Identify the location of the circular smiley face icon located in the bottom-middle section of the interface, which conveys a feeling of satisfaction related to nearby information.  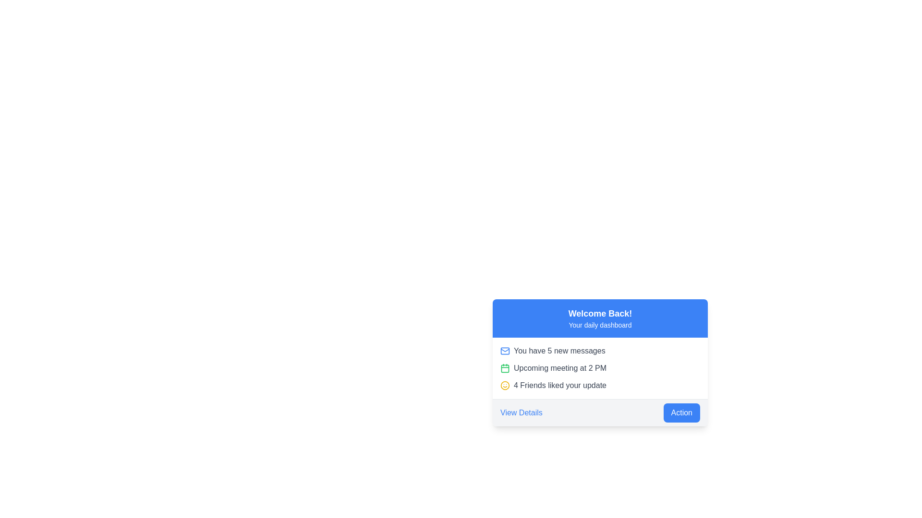
(504, 385).